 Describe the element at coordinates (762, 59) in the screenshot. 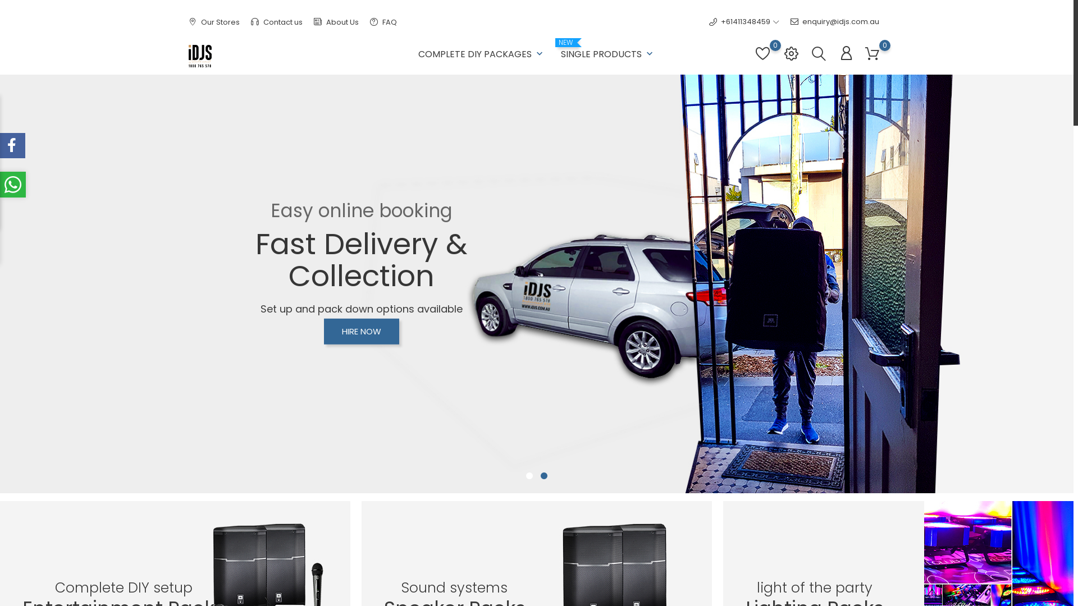

I see `'0'` at that location.